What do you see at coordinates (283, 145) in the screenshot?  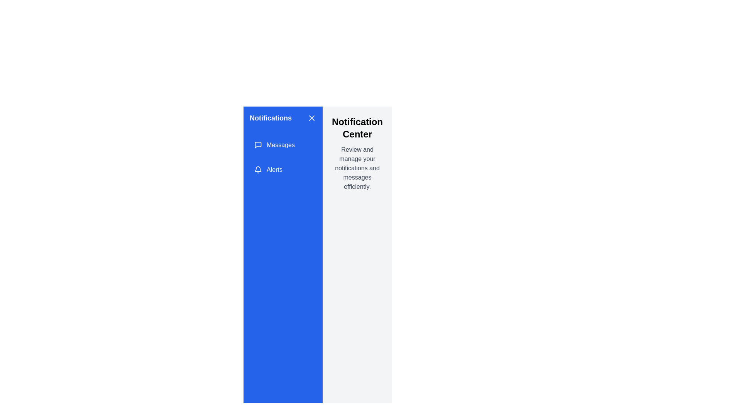 I see `the 'Messages' button which has a speech bubble icon and white text on a blue background, positioned above the 'Alerts' entry in the left side panel` at bounding box center [283, 145].